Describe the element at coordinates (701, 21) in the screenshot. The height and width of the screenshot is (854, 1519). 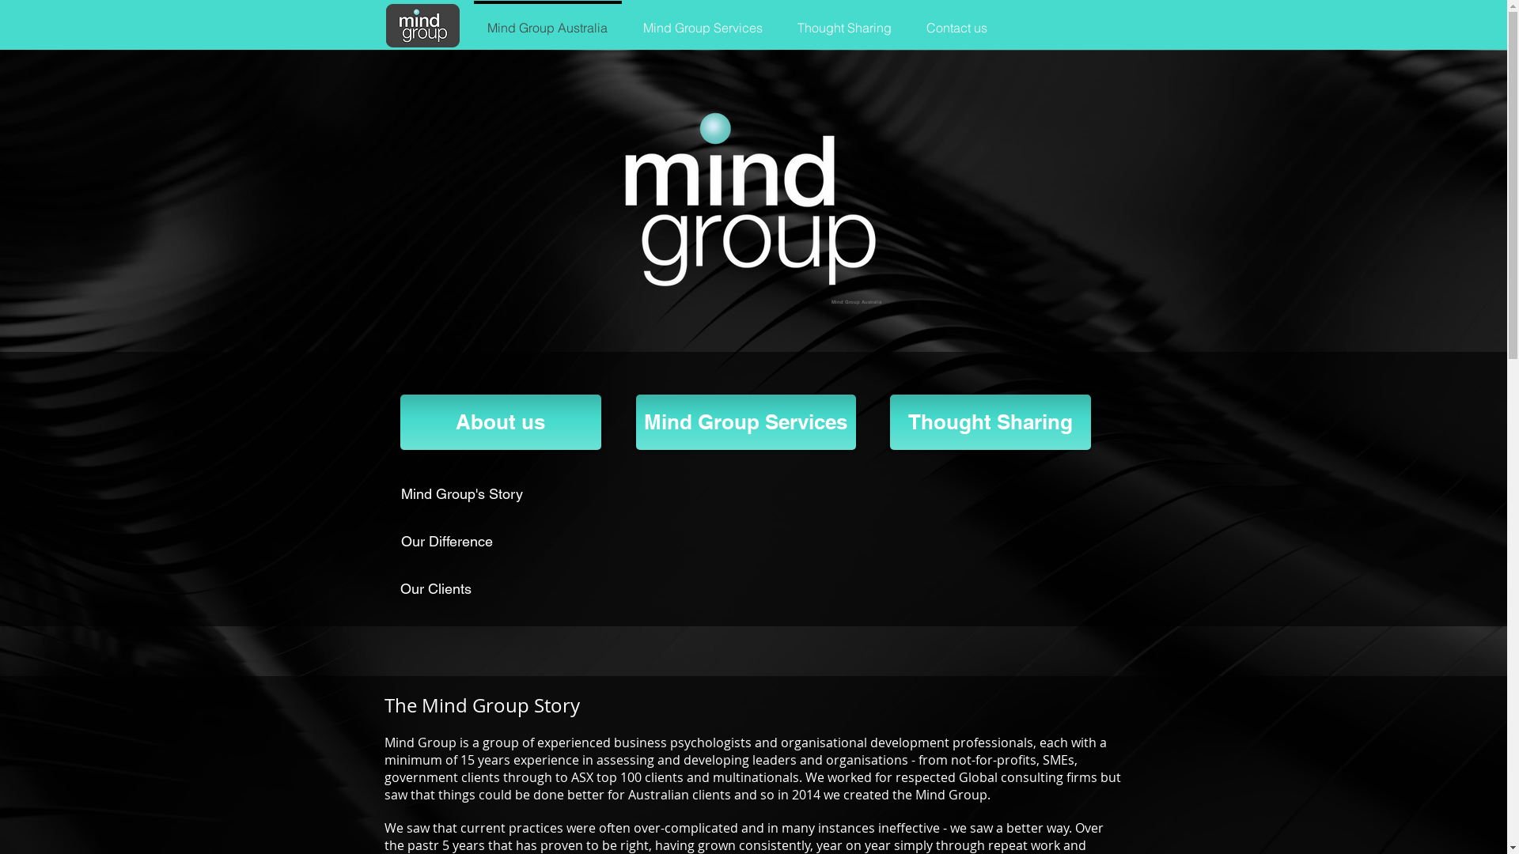
I see `'Mind Group Services'` at that location.